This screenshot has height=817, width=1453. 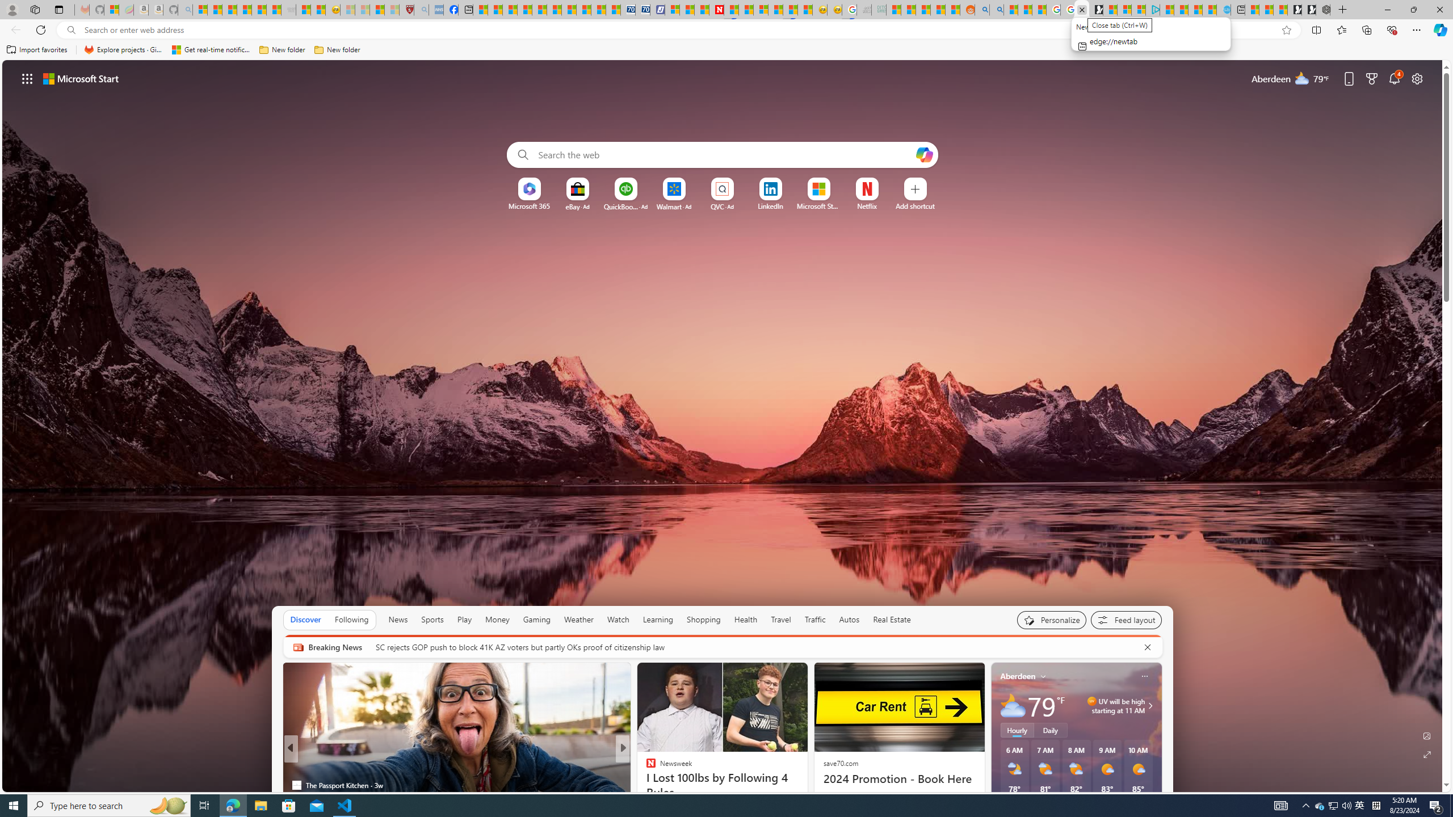 What do you see at coordinates (645, 785) in the screenshot?
I see `'Inquirer'` at bounding box center [645, 785].